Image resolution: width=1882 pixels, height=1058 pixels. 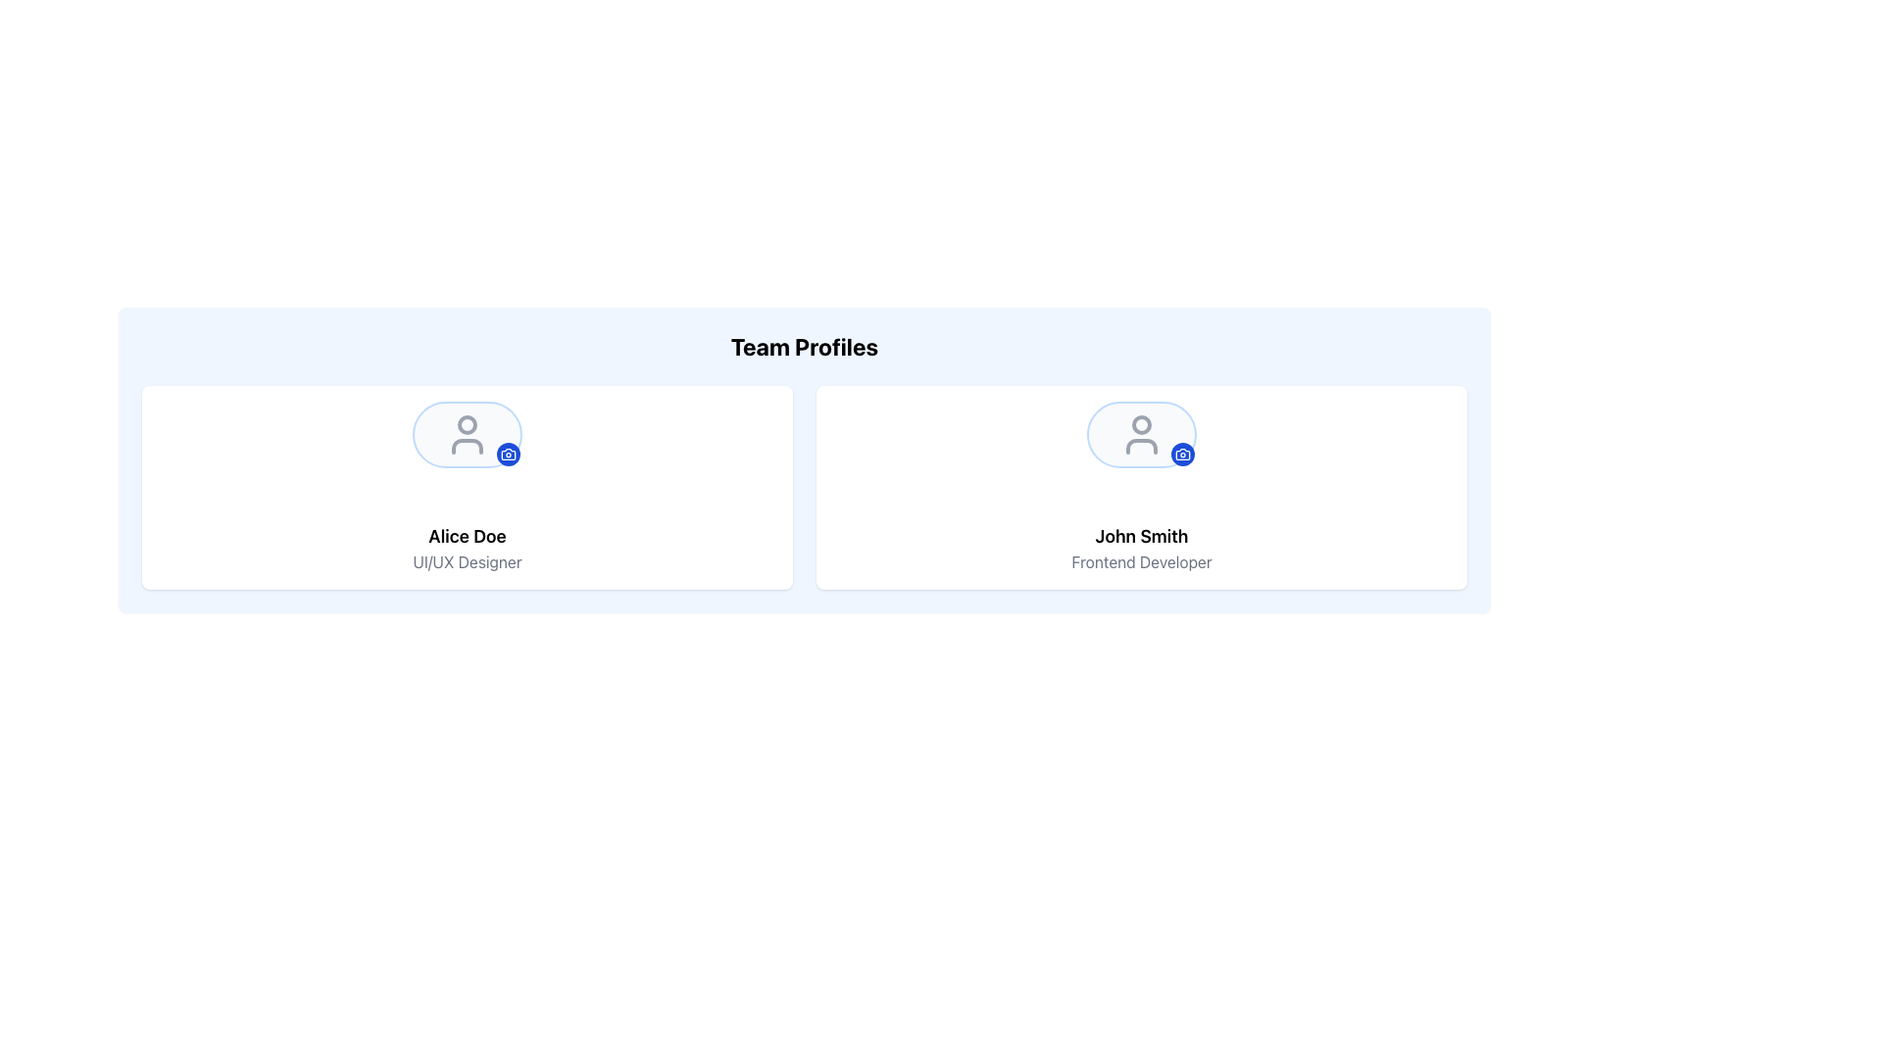 What do you see at coordinates (466, 457) in the screenshot?
I see `the image icon representing the profile avatar of user 'Alice Doe'` at bounding box center [466, 457].